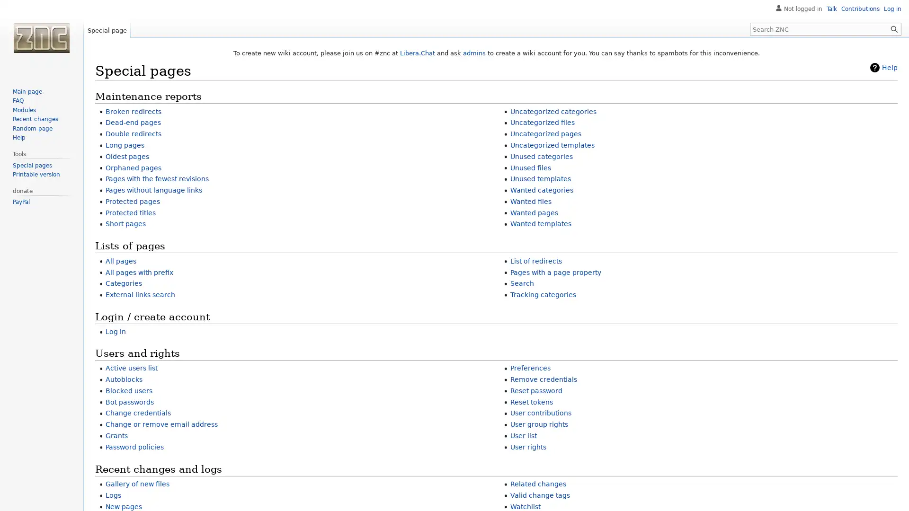 The height and width of the screenshot is (511, 909). I want to click on Search, so click(894, 28).